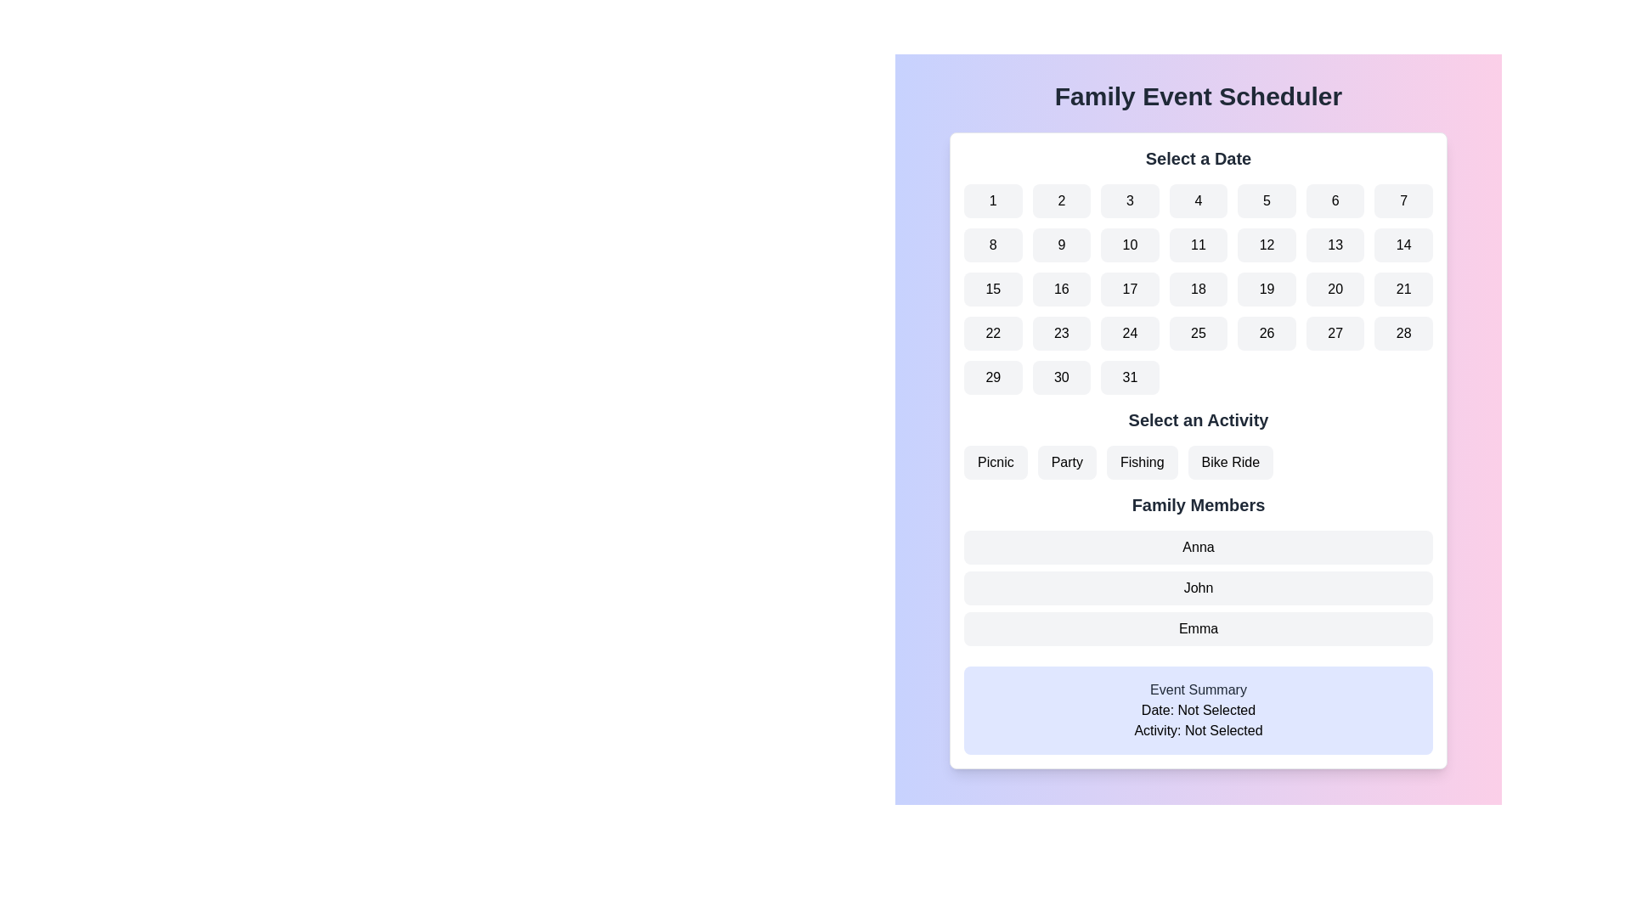 The height and width of the screenshot is (917, 1631). Describe the element at coordinates (1230, 462) in the screenshot. I see `the 'Bike Ride' button, which is the fourth button in a row under the 'Select an Activity' section` at that location.